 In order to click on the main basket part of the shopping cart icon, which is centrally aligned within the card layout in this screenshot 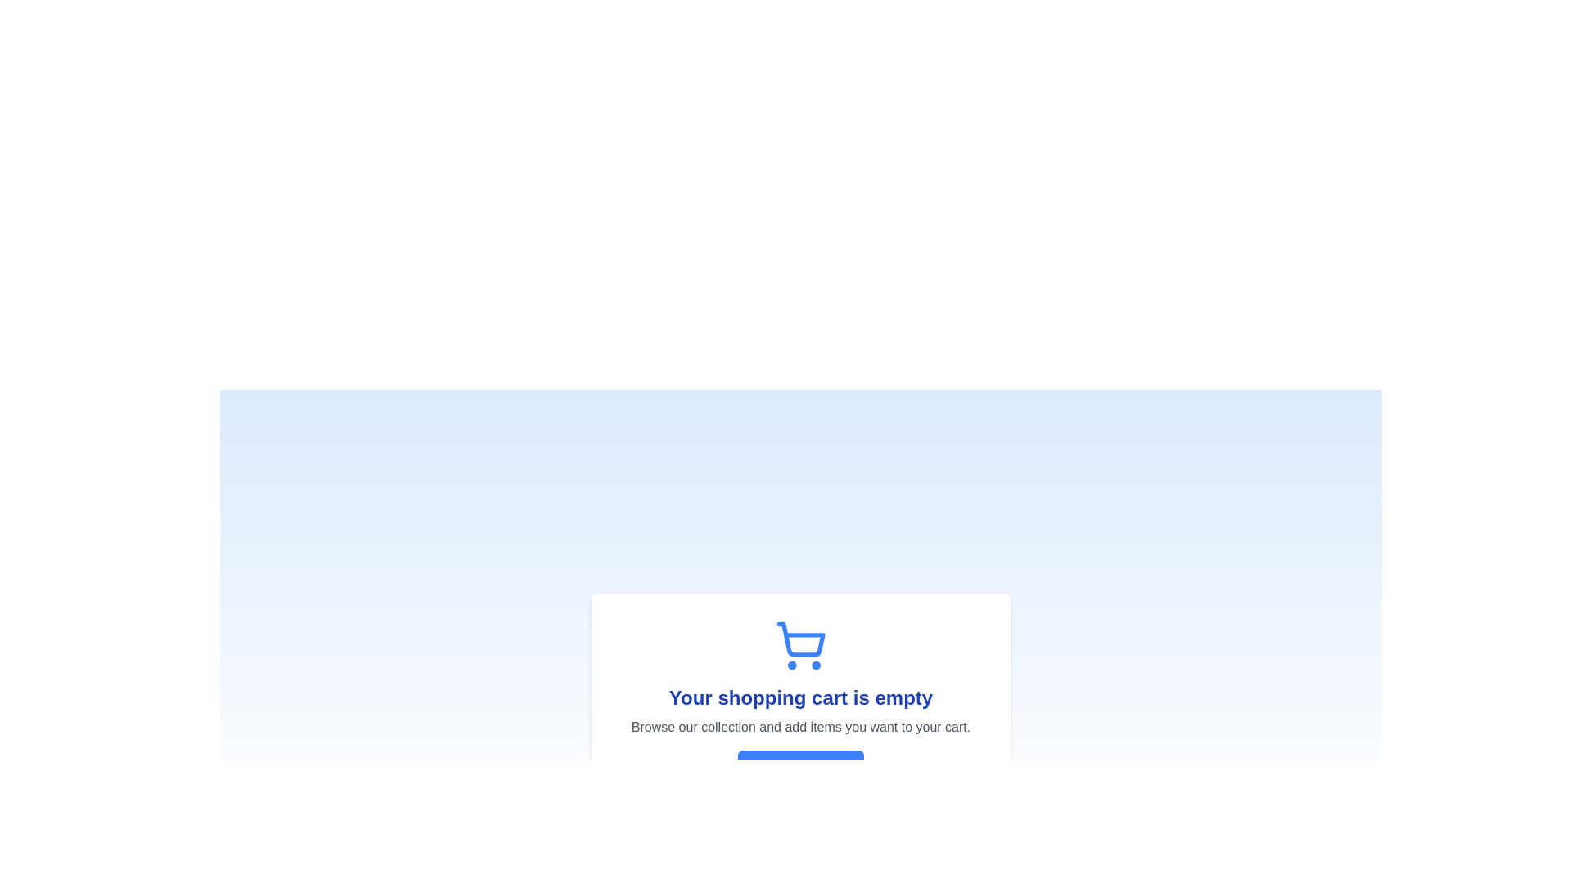, I will do `click(801, 639)`.